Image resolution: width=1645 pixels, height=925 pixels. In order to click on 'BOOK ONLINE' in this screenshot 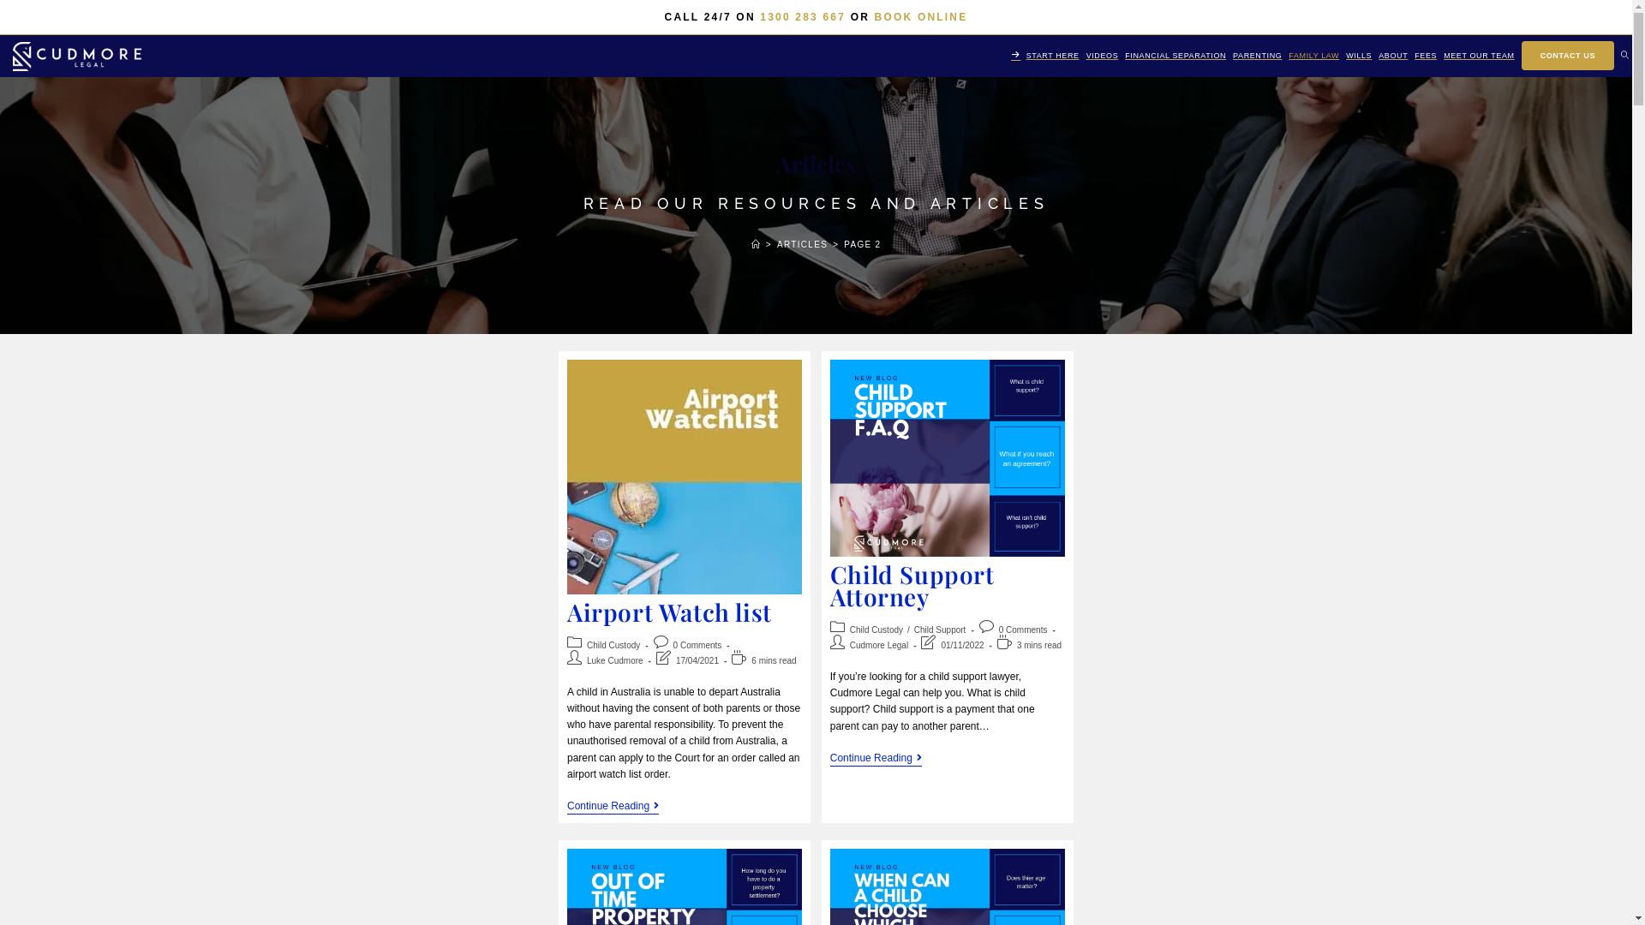, I will do `click(920, 16)`.